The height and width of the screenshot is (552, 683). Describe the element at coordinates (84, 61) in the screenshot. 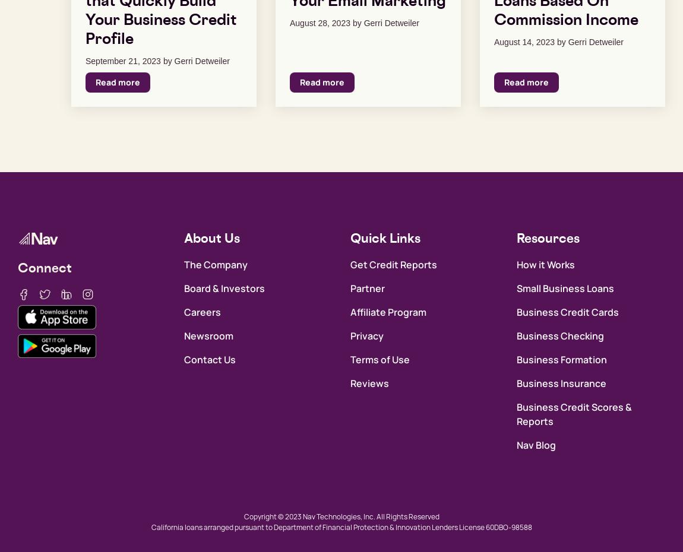

I see `'September 21, 2023'` at that location.